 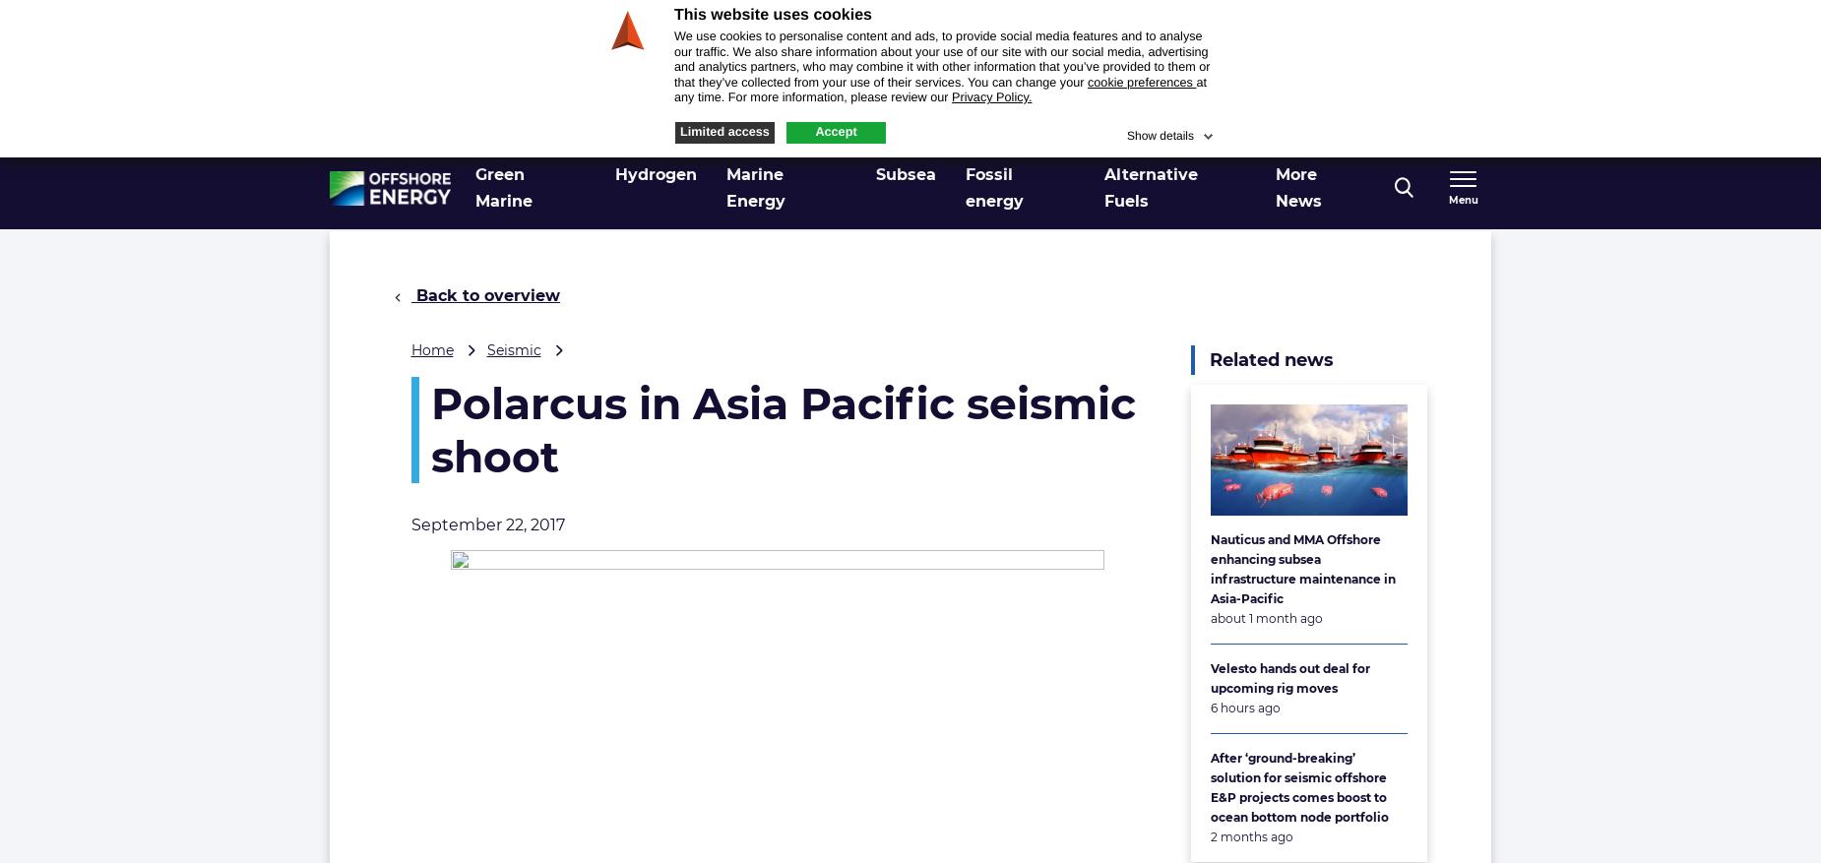 What do you see at coordinates (485, 294) in the screenshot?
I see `'Back to overview'` at bounding box center [485, 294].